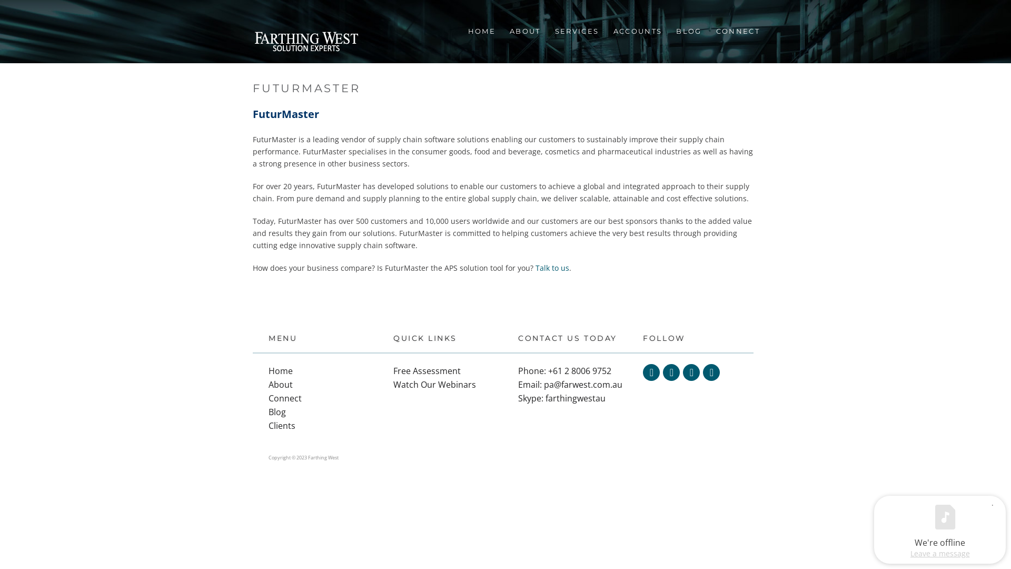 Image resolution: width=1011 pixels, height=569 pixels. Describe the element at coordinates (427, 370) in the screenshot. I see `'Free Assessment'` at that location.